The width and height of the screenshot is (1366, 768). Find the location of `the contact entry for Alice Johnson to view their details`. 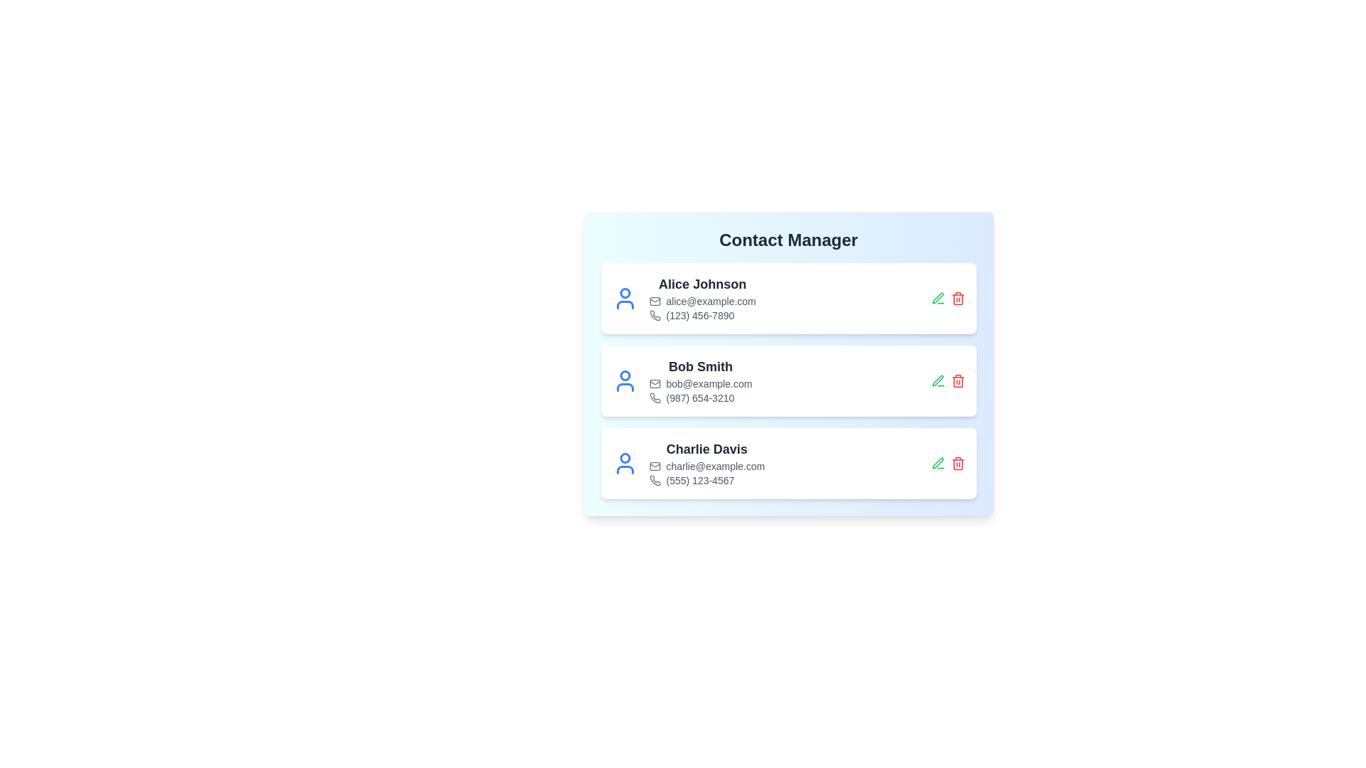

the contact entry for Alice Johnson to view their details is located at coordinates (788, 298).